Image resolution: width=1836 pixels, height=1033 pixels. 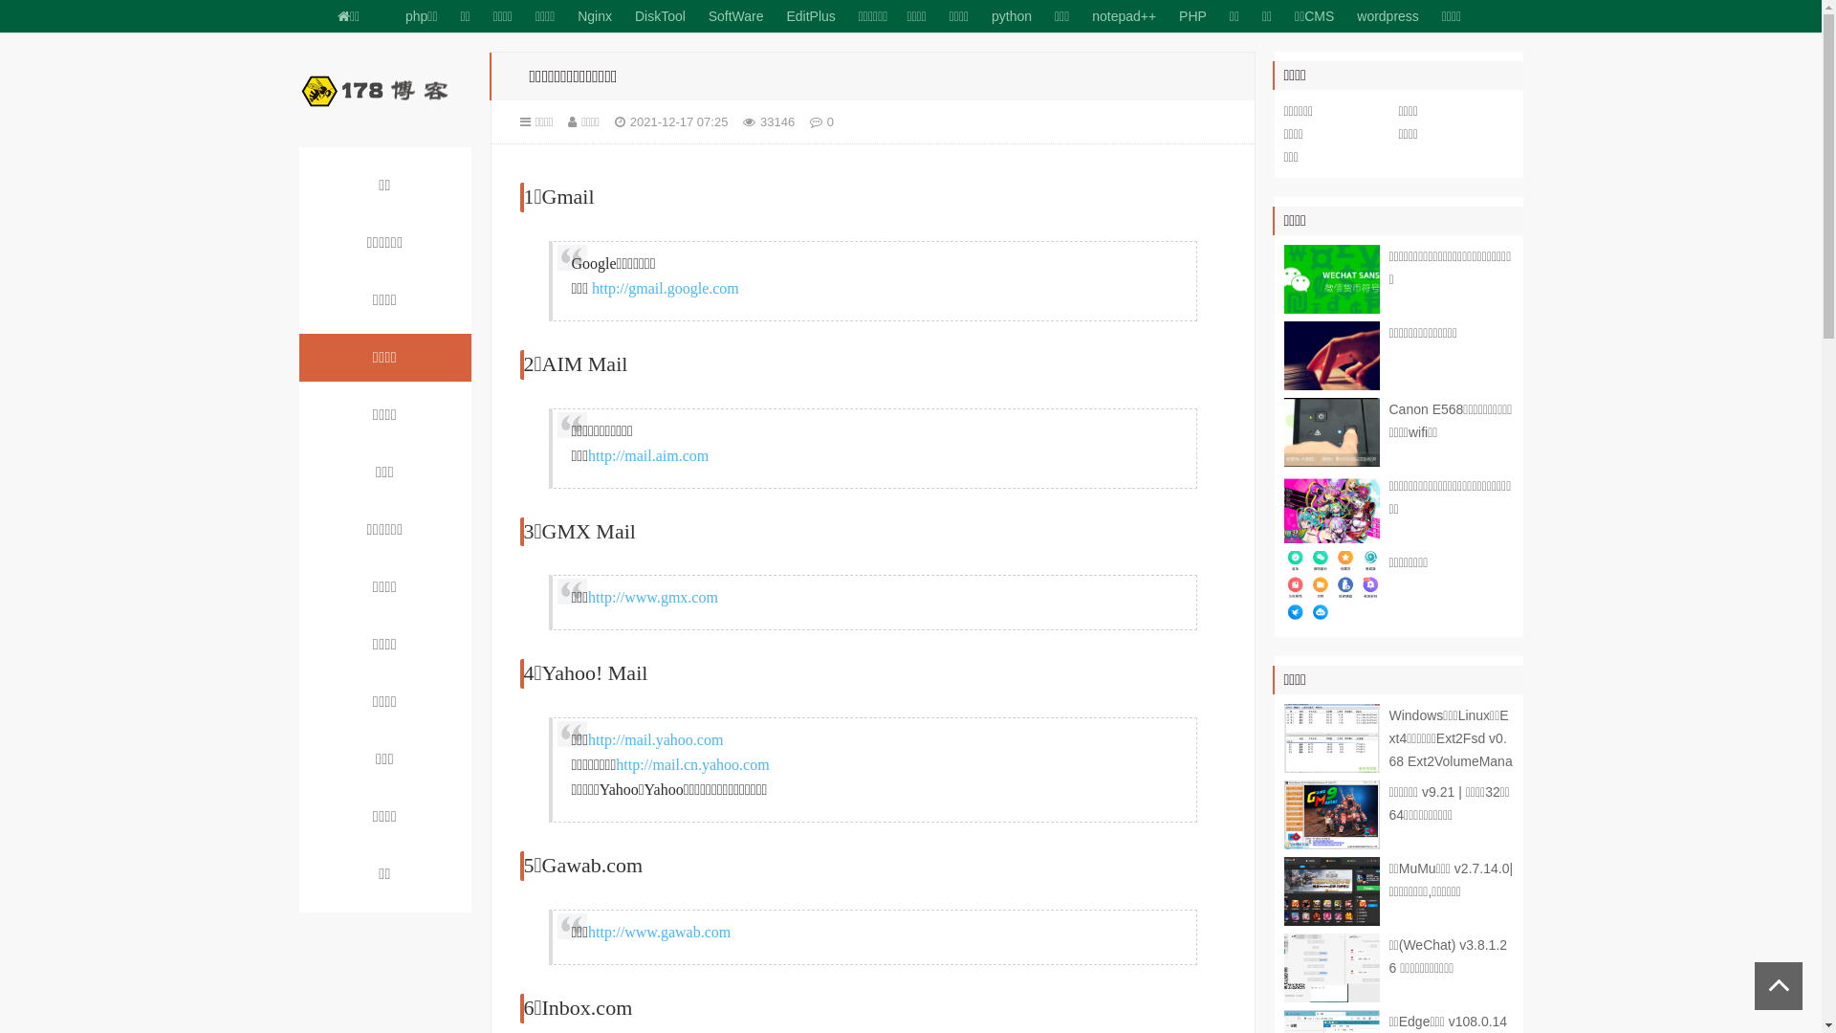 I want to click on 'http://www.gawab.com', so click(x=586, y=931).